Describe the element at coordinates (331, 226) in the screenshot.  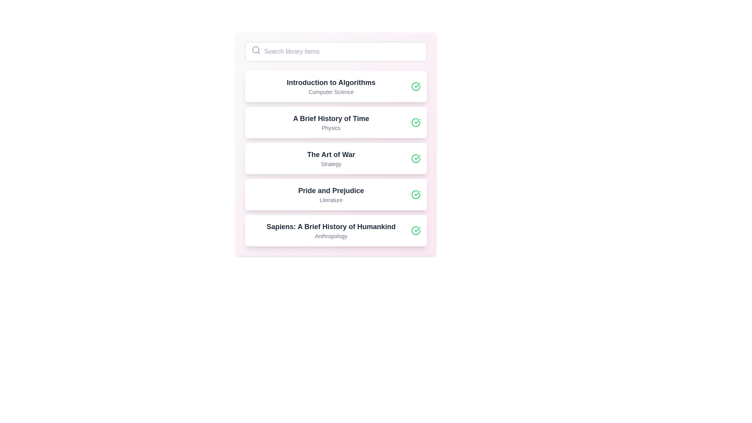
I see `bold title text 'Sapiens: A Brief History of Humankind' which is the first line of text in the bottommost item of a scrollable list, positioned above the subtitle 'Anthropology'` at that location.